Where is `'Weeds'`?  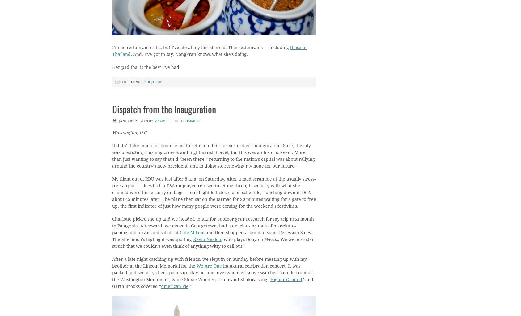
'Weeds' is located at coordinates (271, 239).